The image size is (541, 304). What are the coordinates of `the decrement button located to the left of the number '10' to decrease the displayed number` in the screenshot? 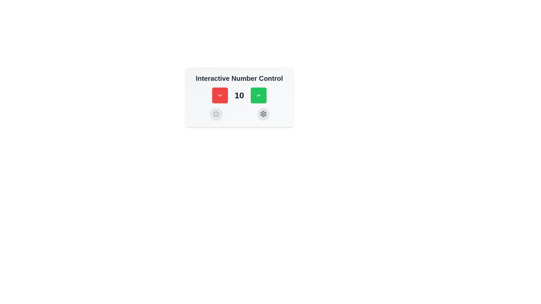 It's located at (219, 95).